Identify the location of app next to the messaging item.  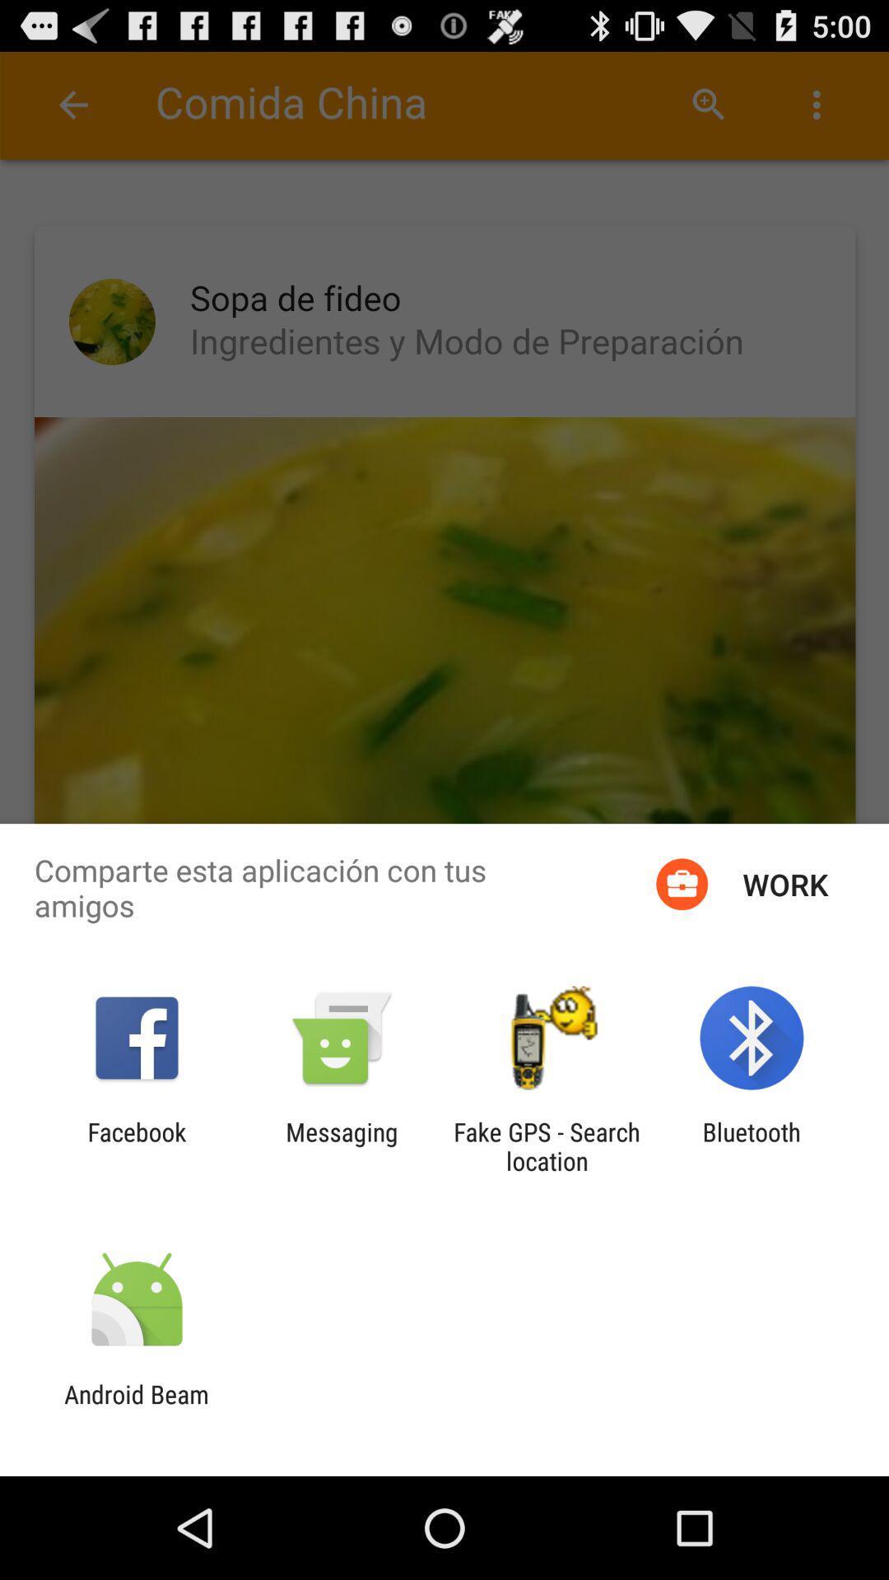
(547, 1145).